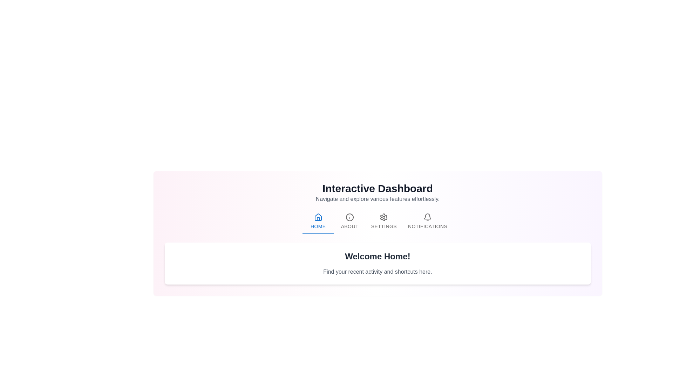 The width and height of the screenshot is (673, 378). I want to click on the Text Label located beneath the heading 'Interactive Dashboard', which provides context about the dashboard's features, so click(377, 199).